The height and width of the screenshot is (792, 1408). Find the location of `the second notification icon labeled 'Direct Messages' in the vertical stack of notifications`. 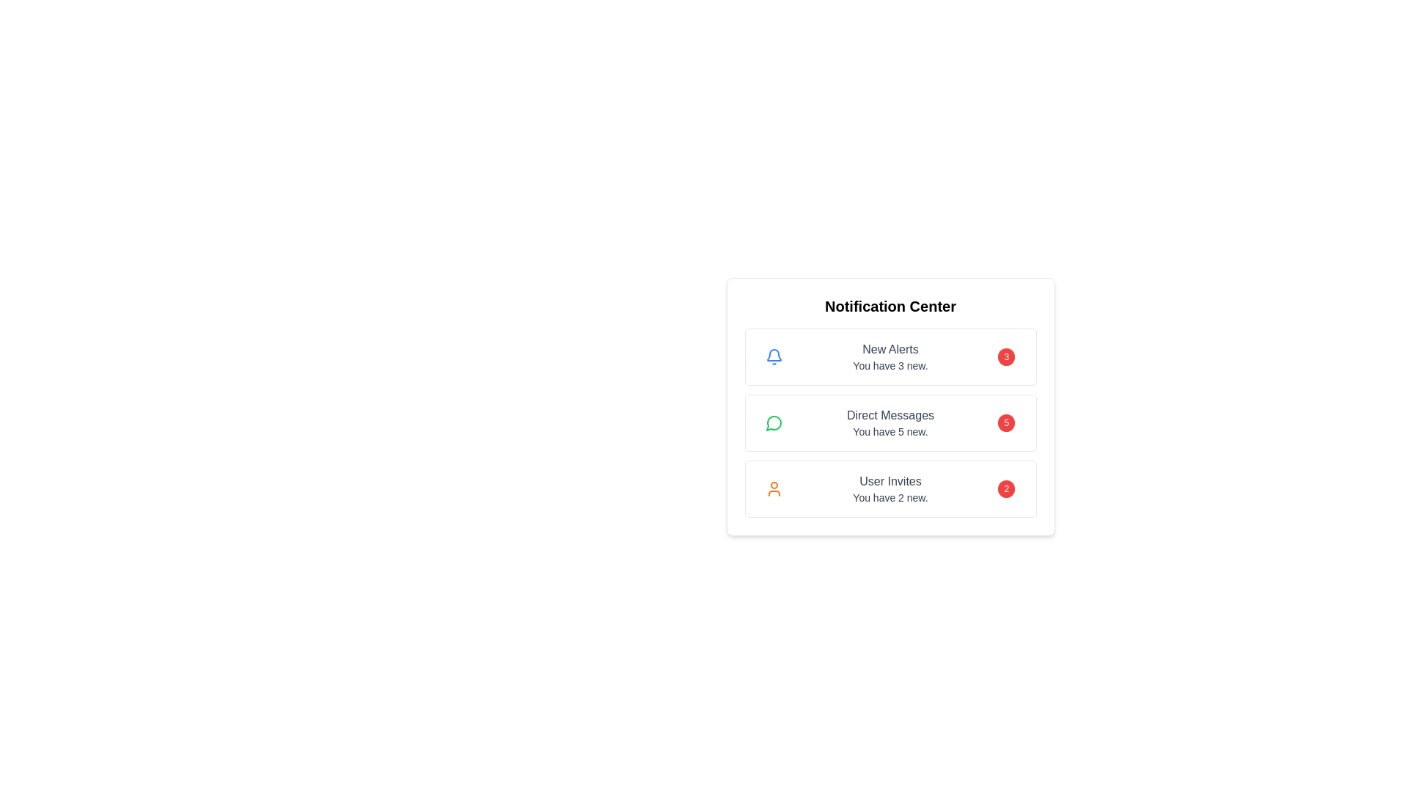

the second notification icon labeled 'Direct Messages' in the vertical stack of notifications is located at coordinates (773, 423).